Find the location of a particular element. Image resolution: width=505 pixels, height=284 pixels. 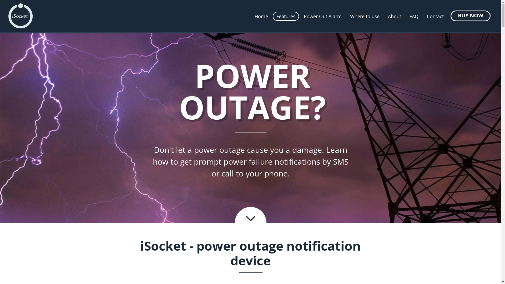

'BUY NOW' is located at coordinates (471, 16).